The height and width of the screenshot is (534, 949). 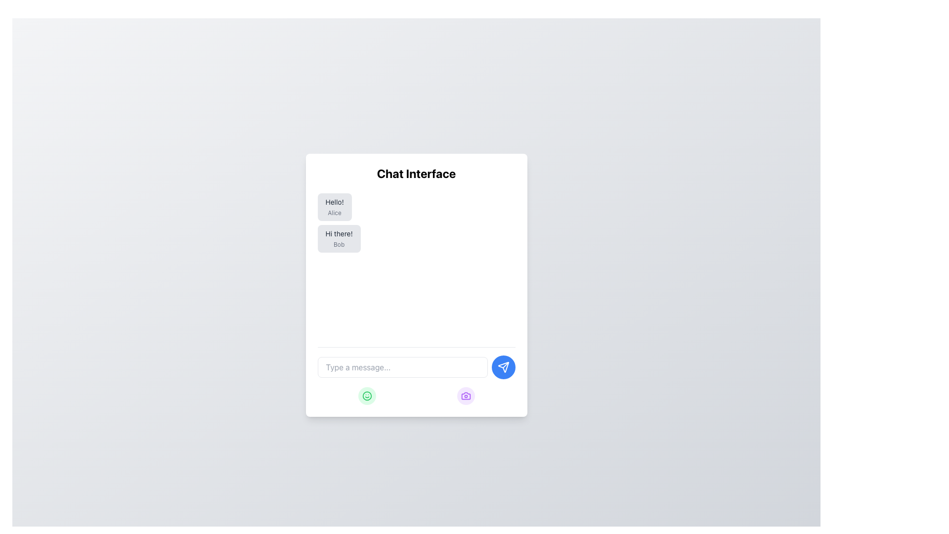 What do you see at coordinates (366, 396) in the screenshot?
I see `the circular button with a light green background and a green smiling face icon` at bounding box center [366, 396].